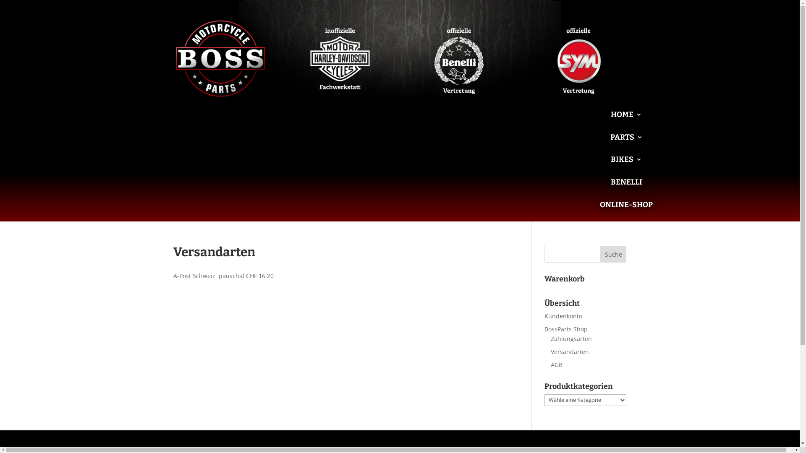  What do you see at coordinates (613, 253) in the screenshot?
I see `'Suche'` at bounding box center [613, 253].